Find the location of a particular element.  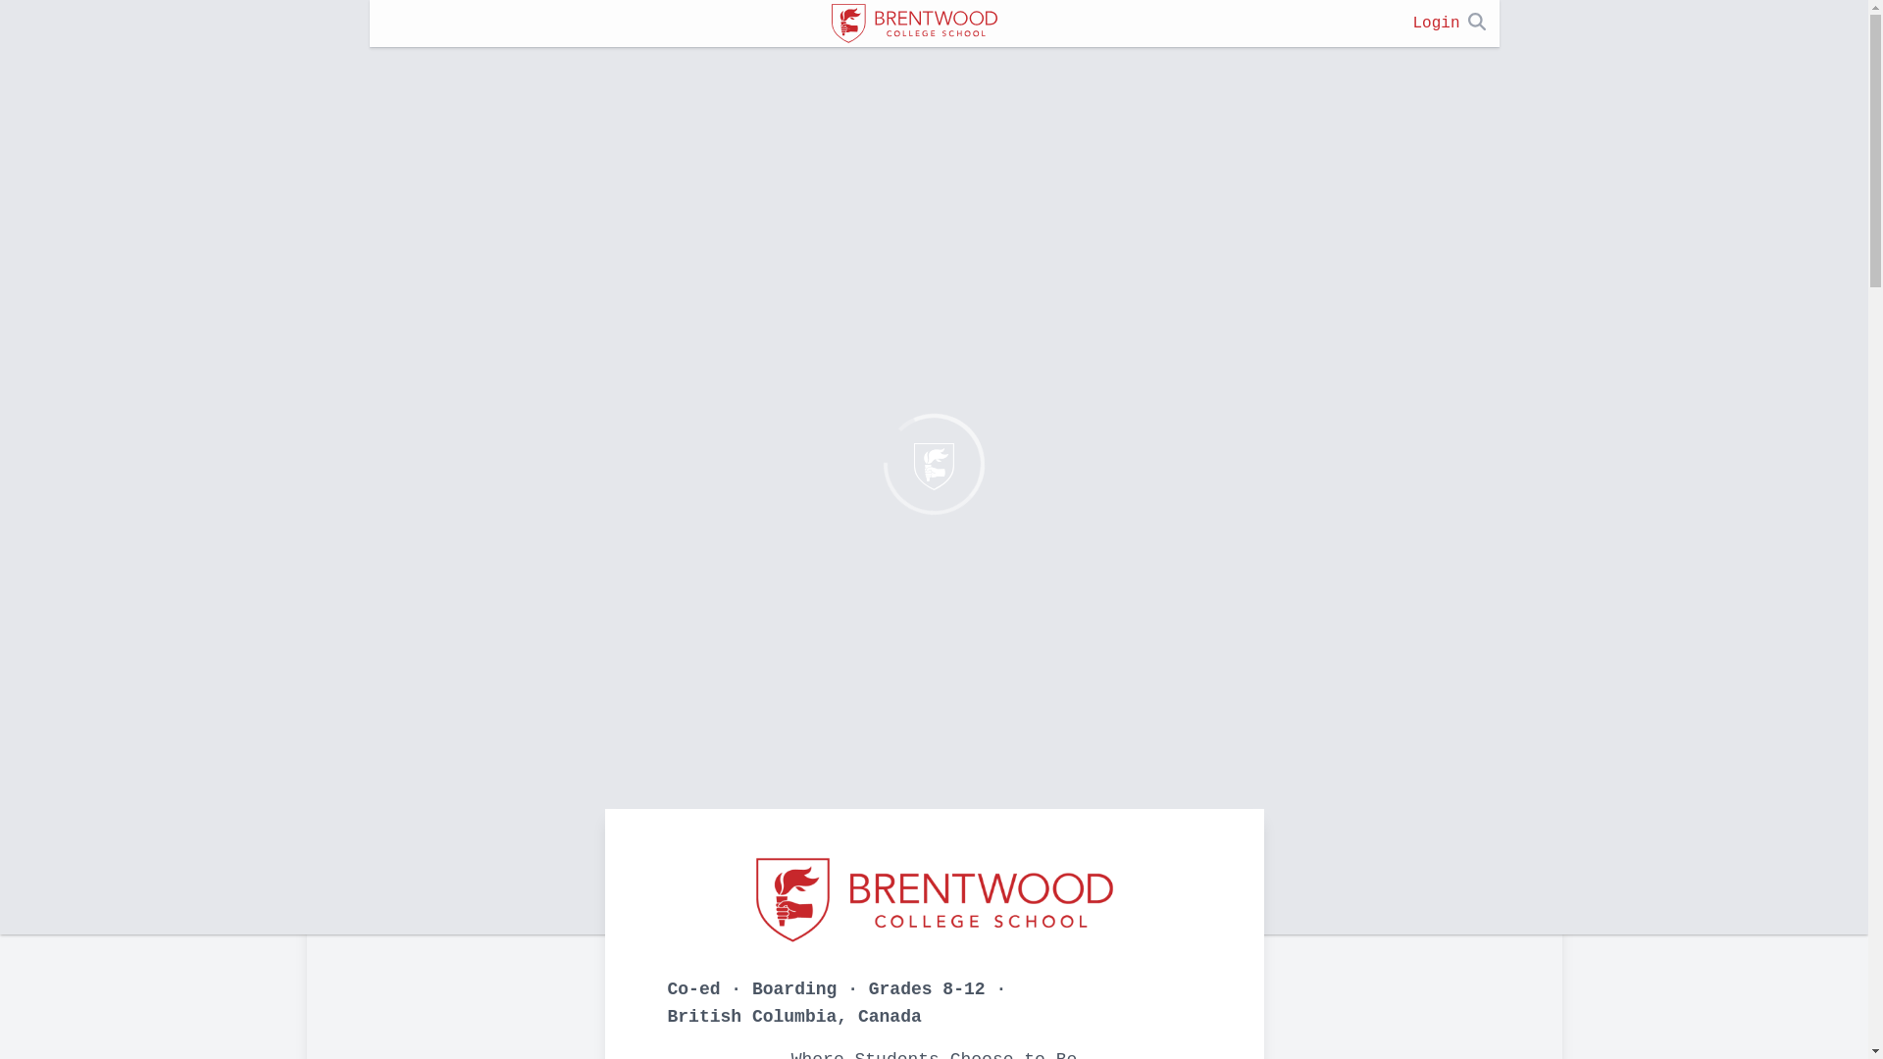

'Login' is located at coordinates (1436, 23).